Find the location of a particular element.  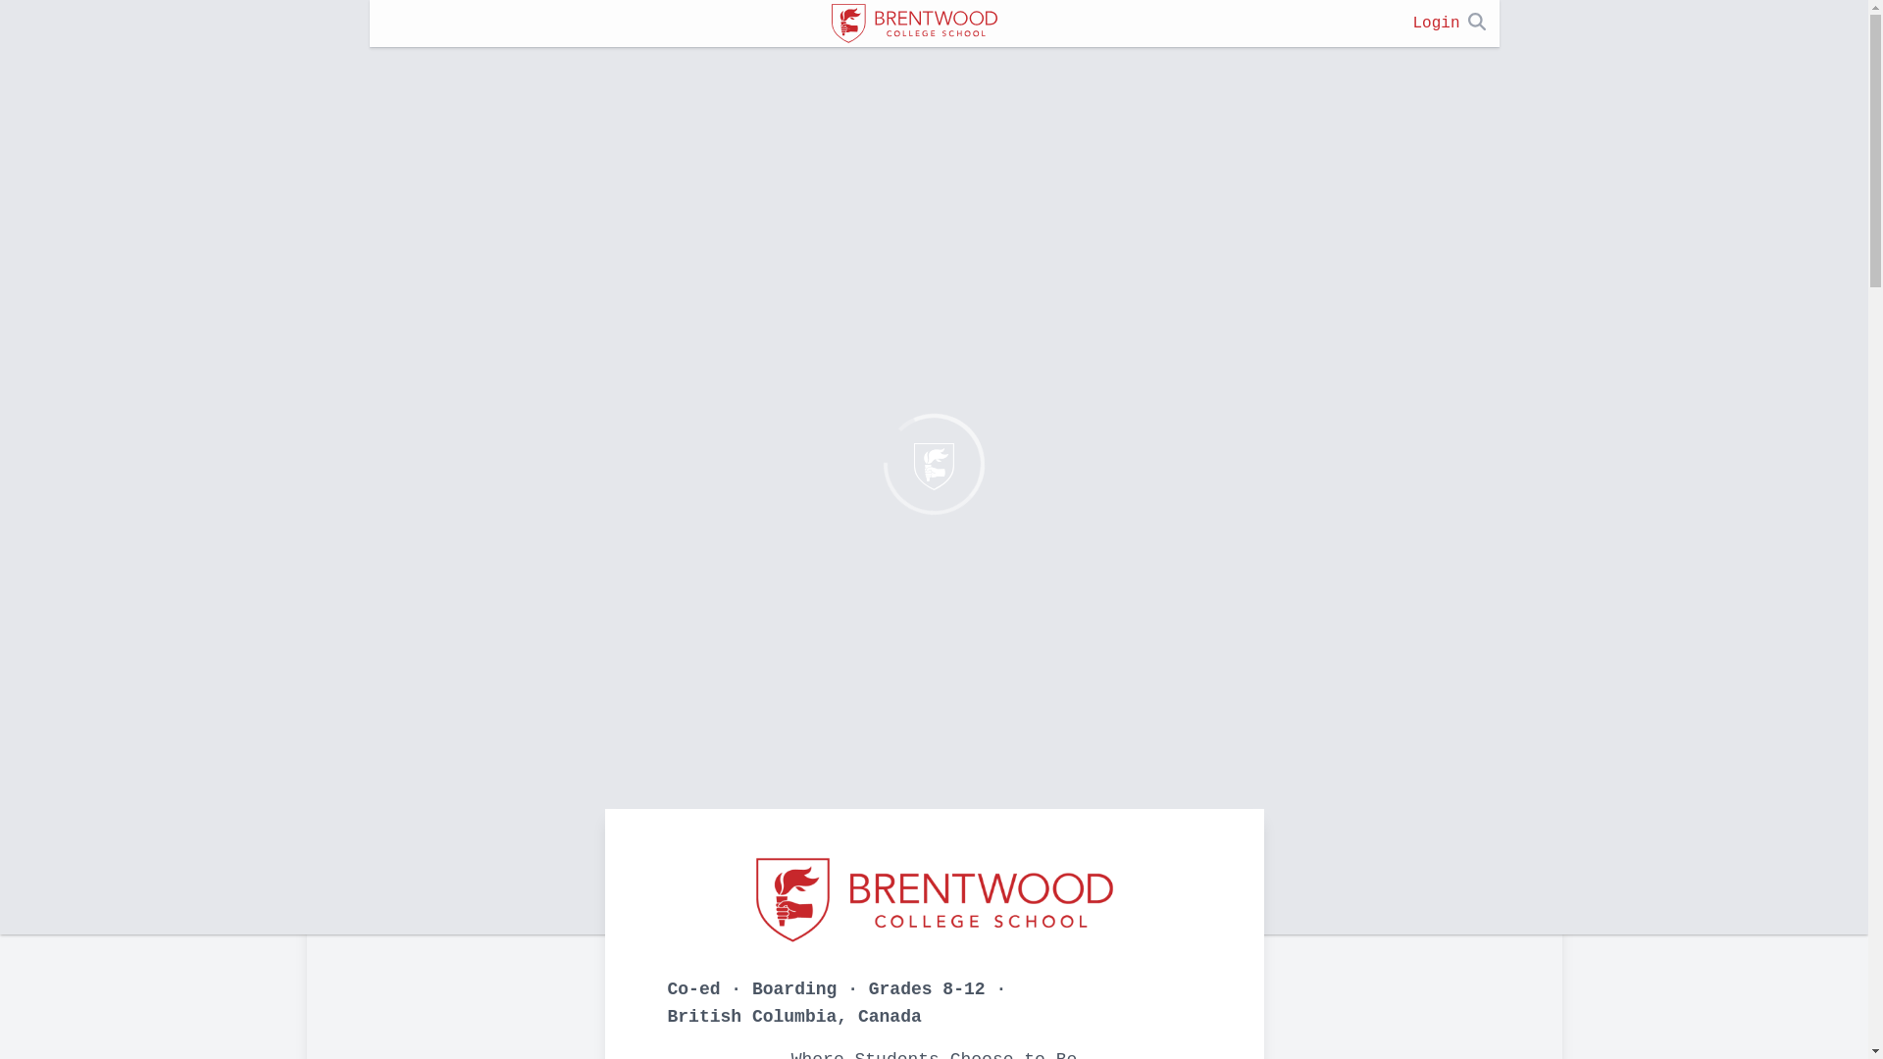

'Login' is located at coordinates (1436, 23).